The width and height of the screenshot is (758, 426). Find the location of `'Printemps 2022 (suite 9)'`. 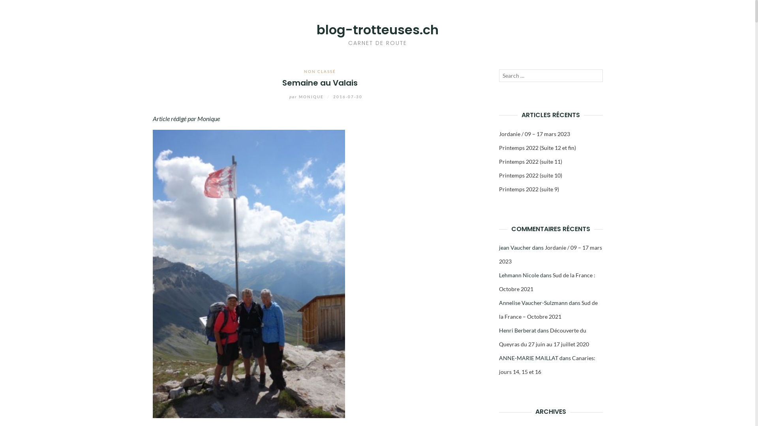

'Printemps 2022 (suite 9)' is located at coordinates (529, 189).